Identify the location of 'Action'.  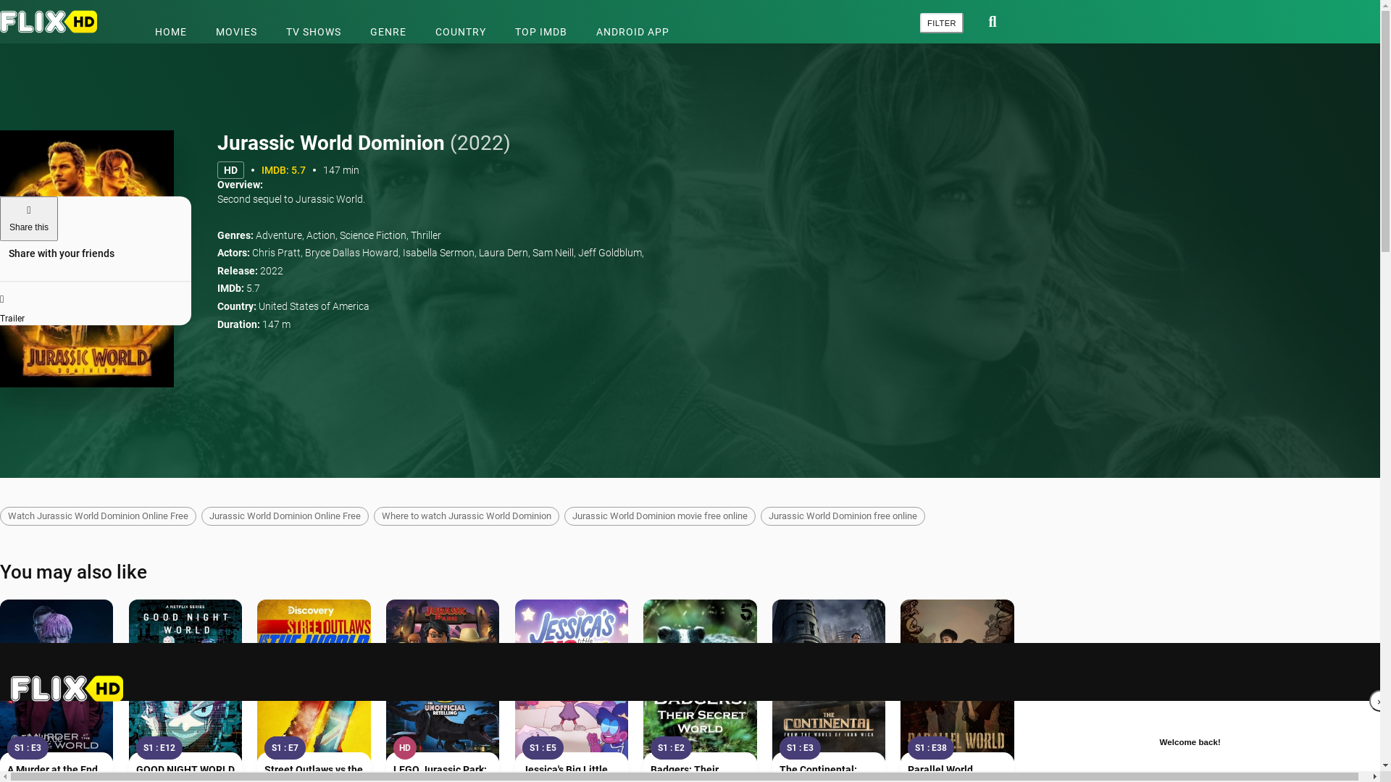
(305, 234).